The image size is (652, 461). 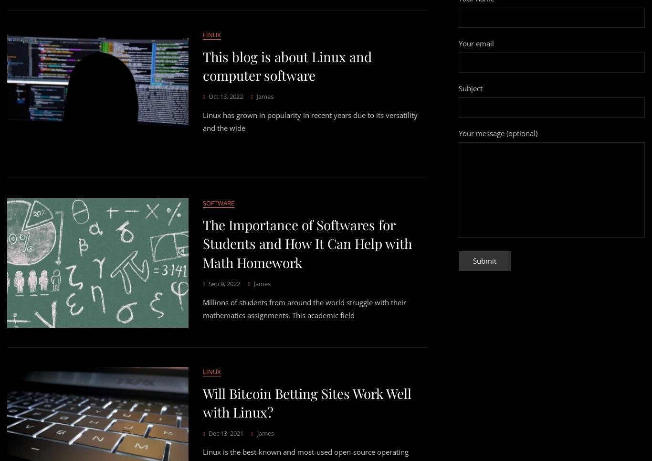 I want to click on 'The Importance of Softwares for Students and How It Can Help with Math Homework', so click(x=306, y=243).